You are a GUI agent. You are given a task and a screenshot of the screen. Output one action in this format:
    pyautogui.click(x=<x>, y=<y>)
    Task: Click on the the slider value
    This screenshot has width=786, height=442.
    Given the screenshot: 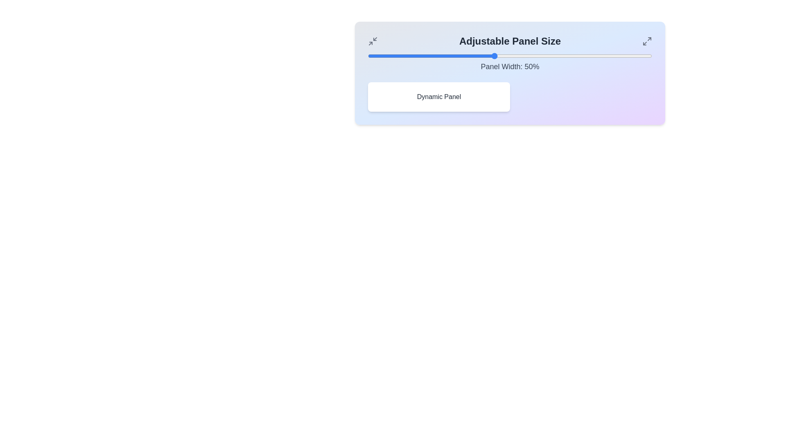 What is the action you would take?
    pyautogui.click(x=605, y=56)
    